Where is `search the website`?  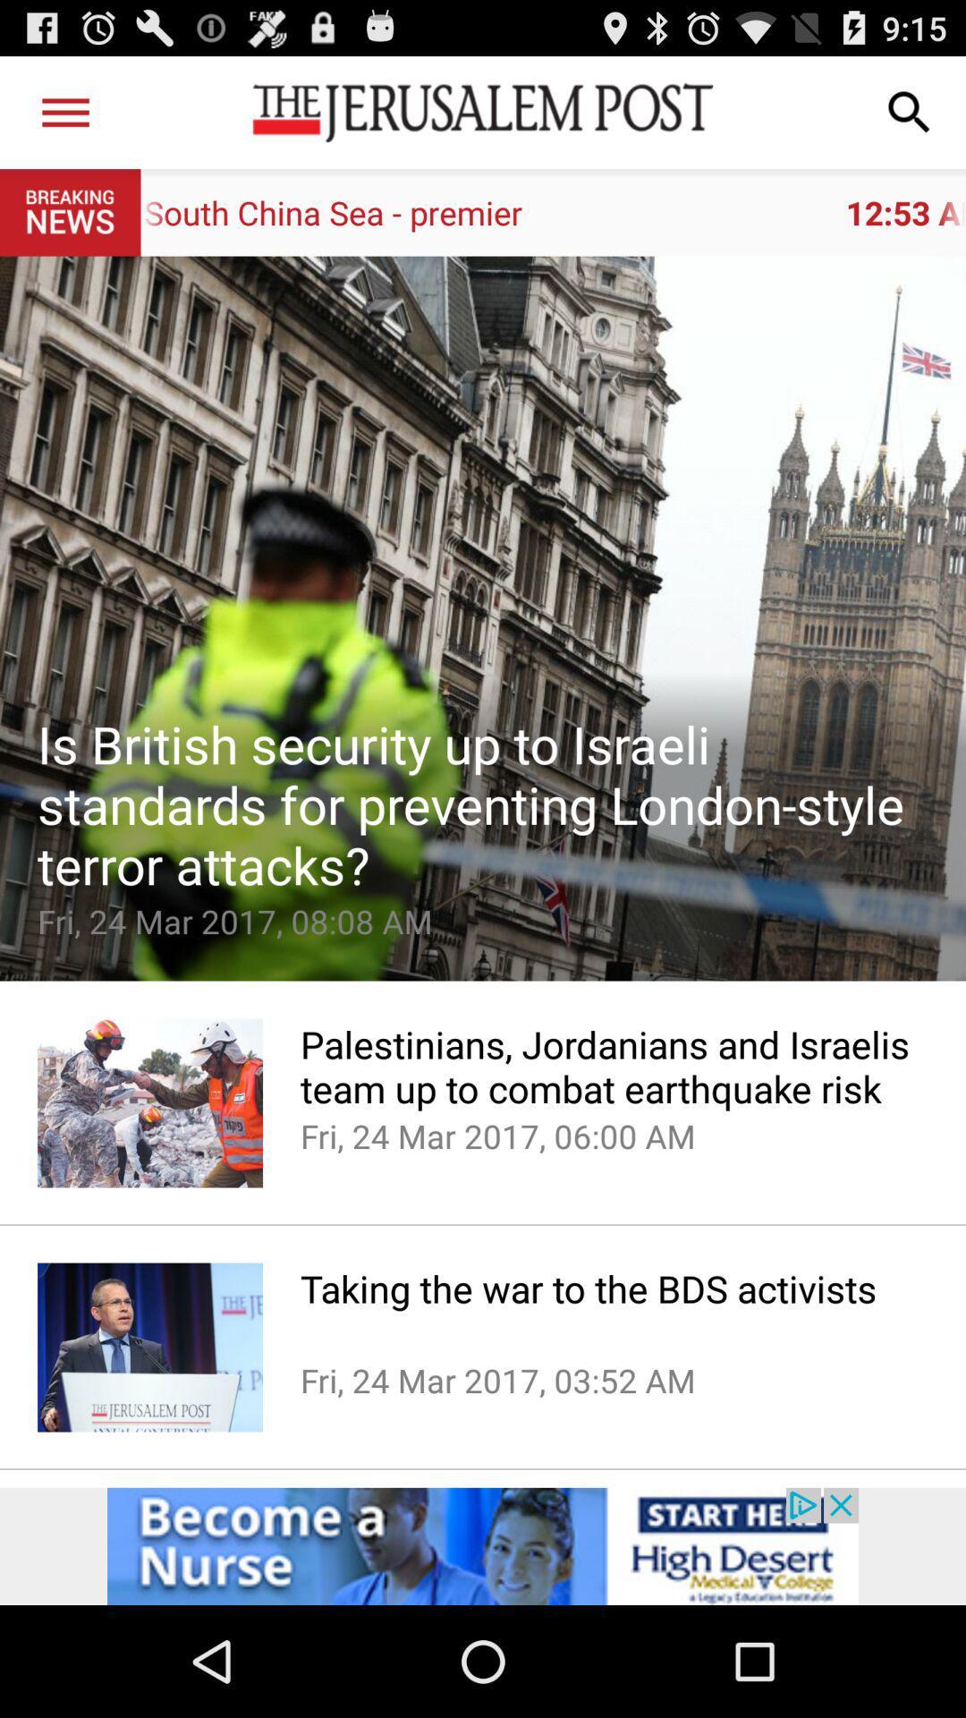 search the website is located at coordinates (910, 111).